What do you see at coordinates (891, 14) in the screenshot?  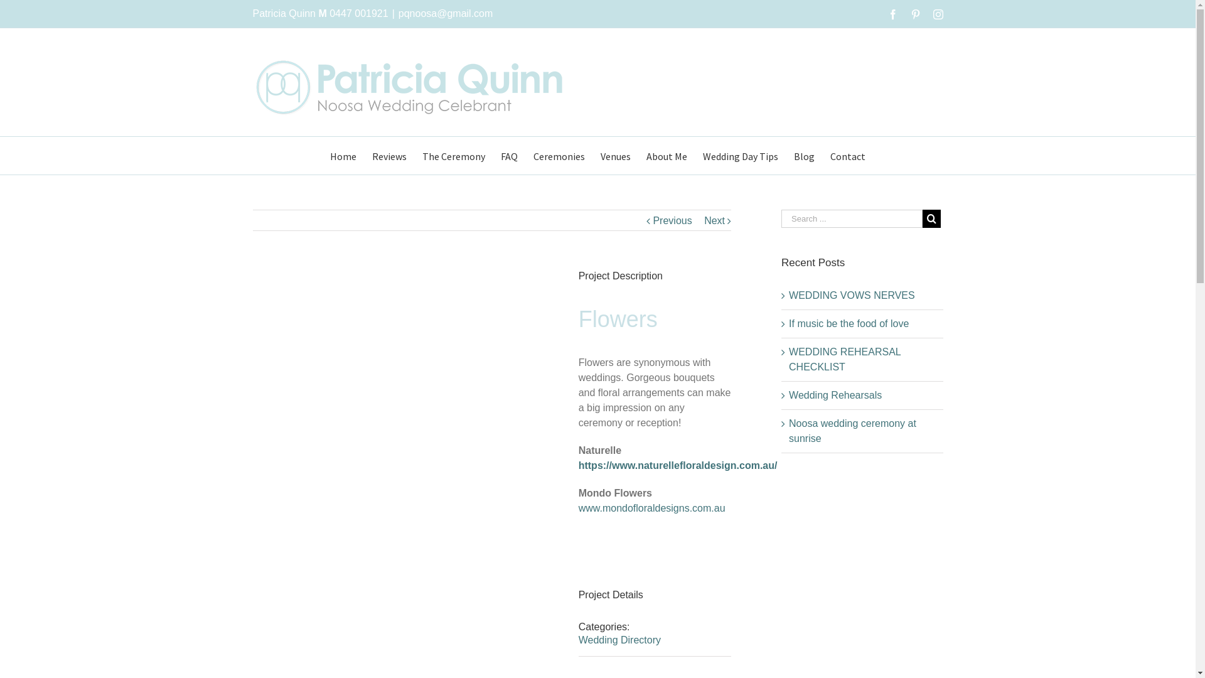 I see `'Facebook'` at bounding box center [891, 14].